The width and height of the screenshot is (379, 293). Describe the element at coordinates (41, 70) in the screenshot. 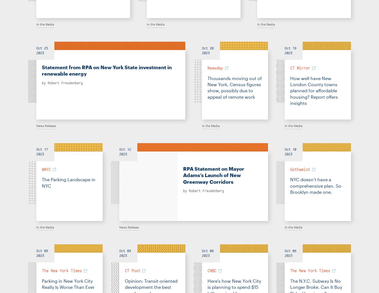

I see `'Statement from RPA on New York State investment in renewable energy'` at that location.